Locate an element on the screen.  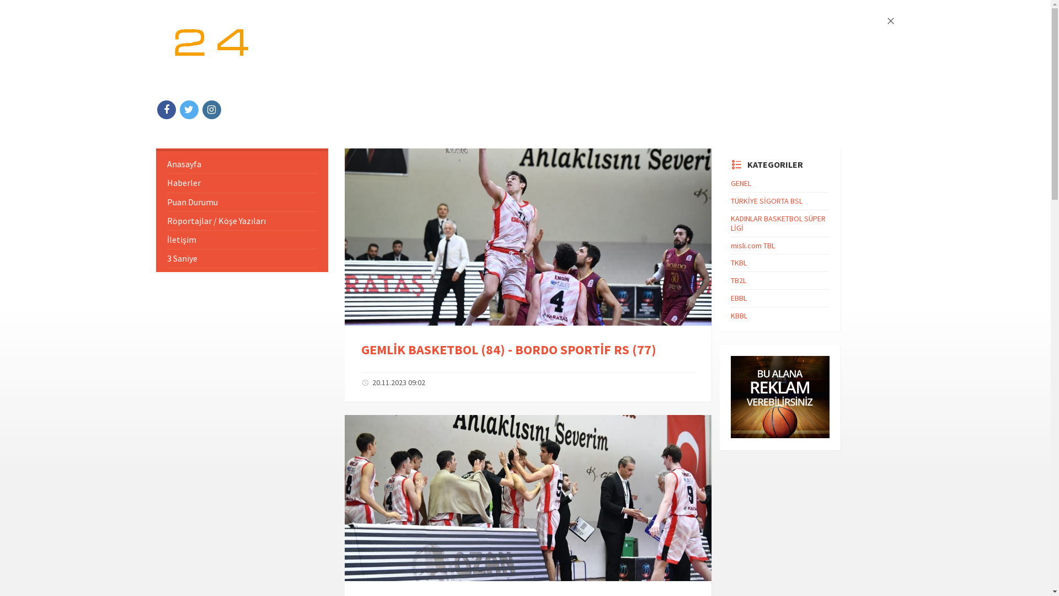
'3 Saniye' is located at coordinates (241, 258).